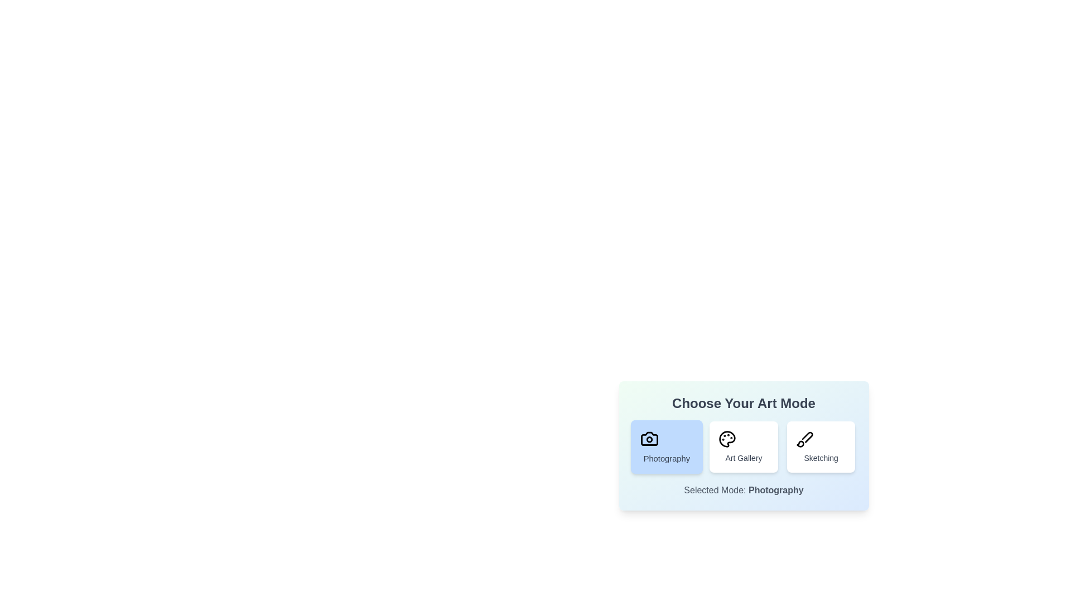 This screenshot has width=1071, height=602. Describe the element at coordinates (821, 446) in the screenshot. I see `the button labeled Sketching` at that location.